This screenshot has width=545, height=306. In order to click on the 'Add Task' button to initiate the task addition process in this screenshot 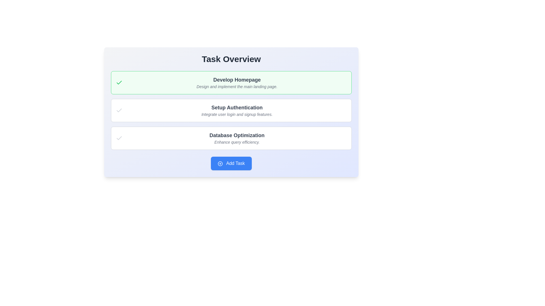, I will do `click(231, 163)`.